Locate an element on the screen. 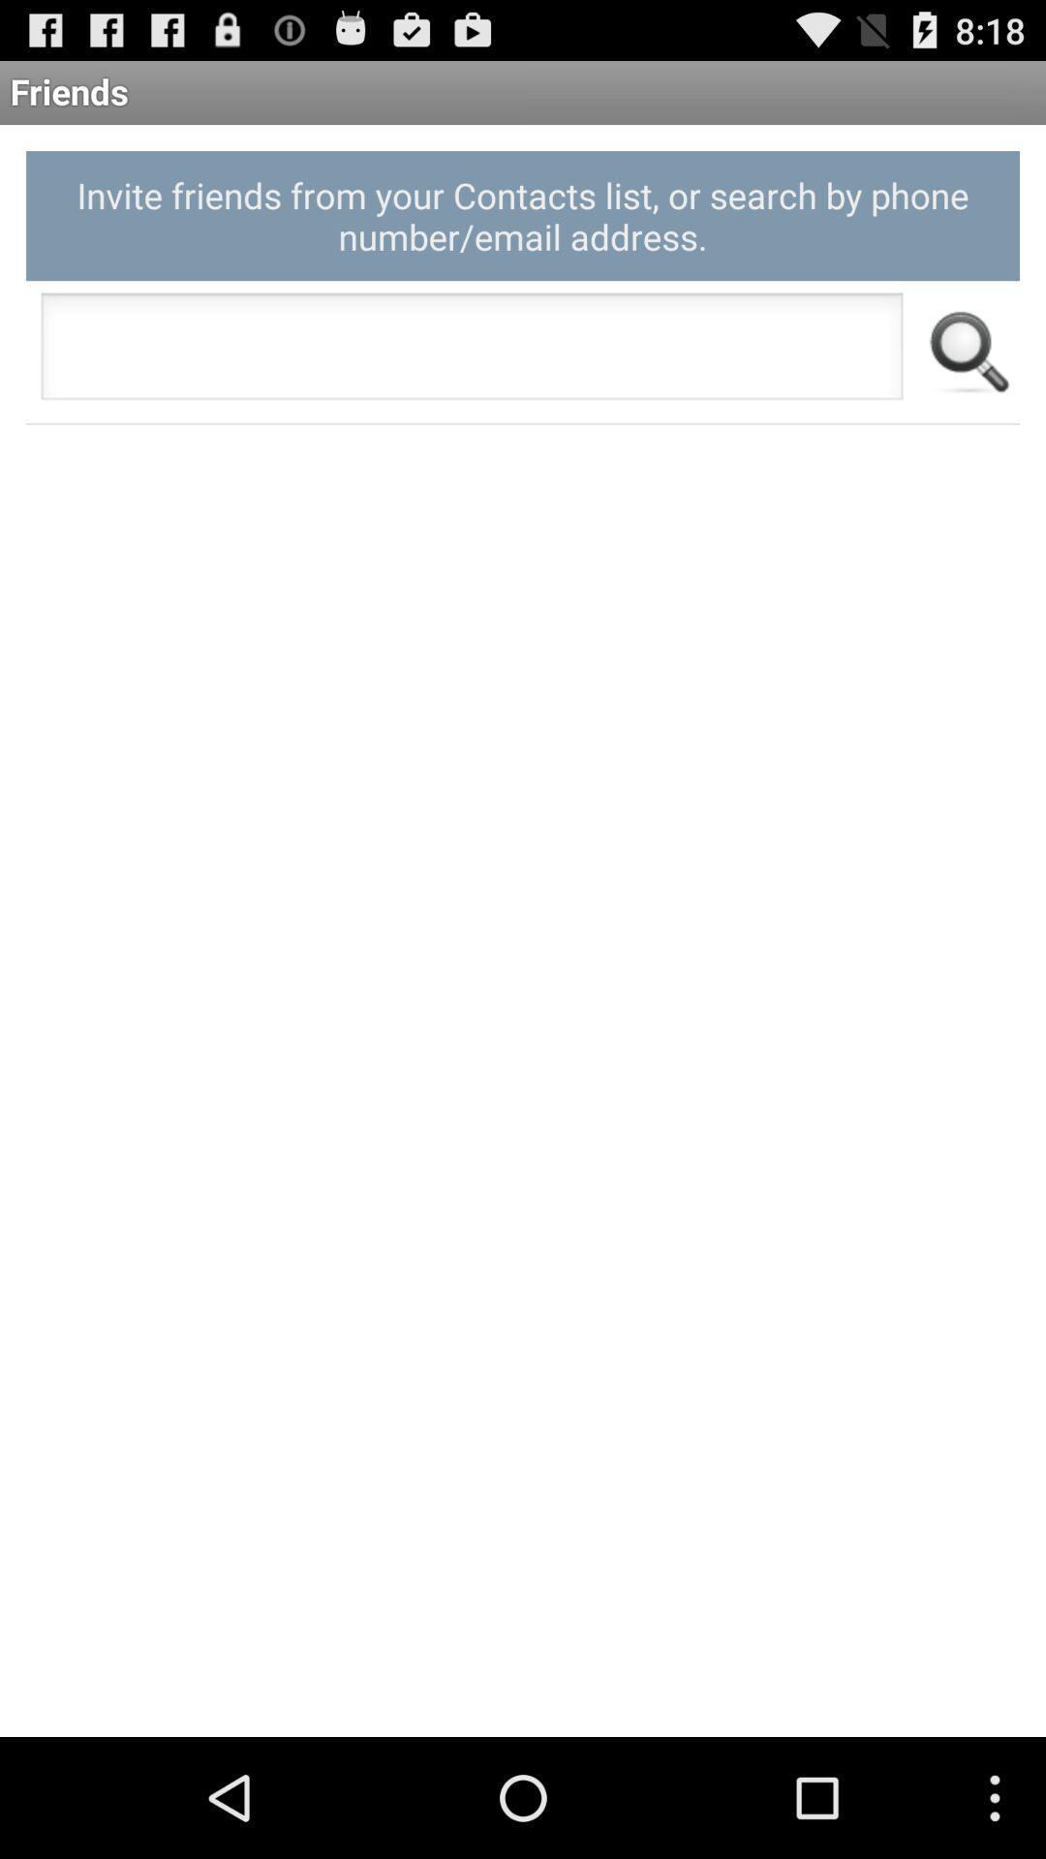 This screenshot has height=1859, width=1046. the invite friends from icon is located at coordinates (523, 216).